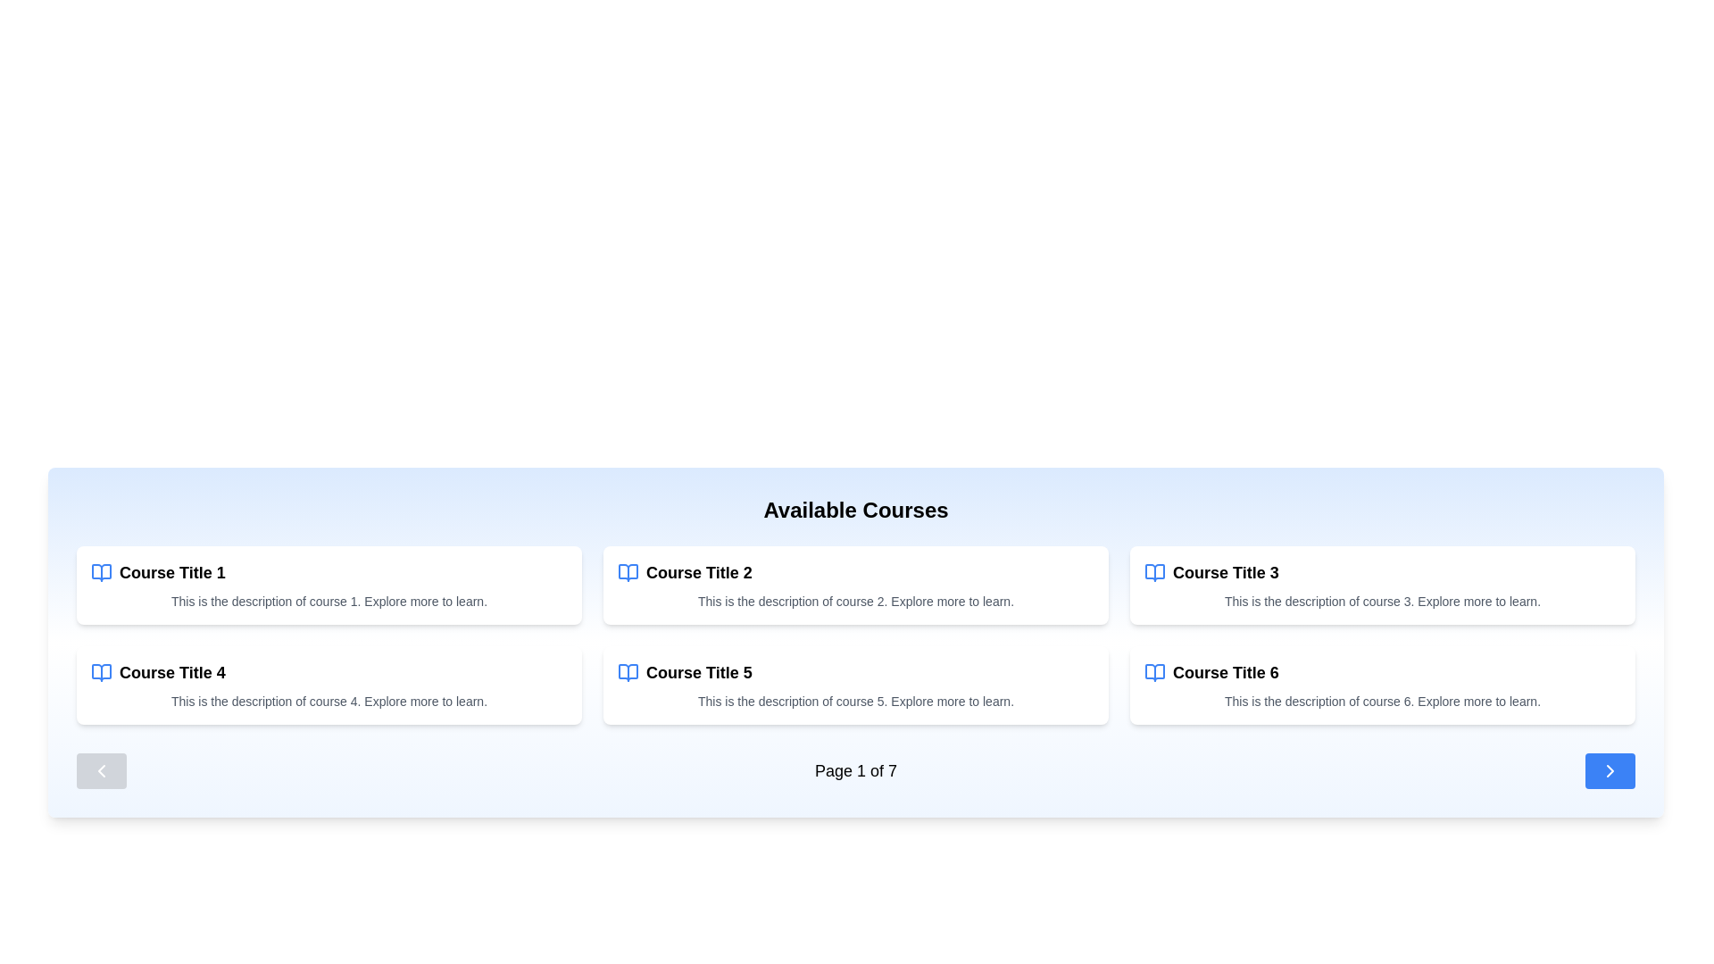  What do you see at coordinates (855, 770) in the screenshot?
I see `the text display element that shows 'Page 1 of 7', located at the bottom center of the 'Available Courses' section, beneath the course cards` at bounding box center [855, 770].